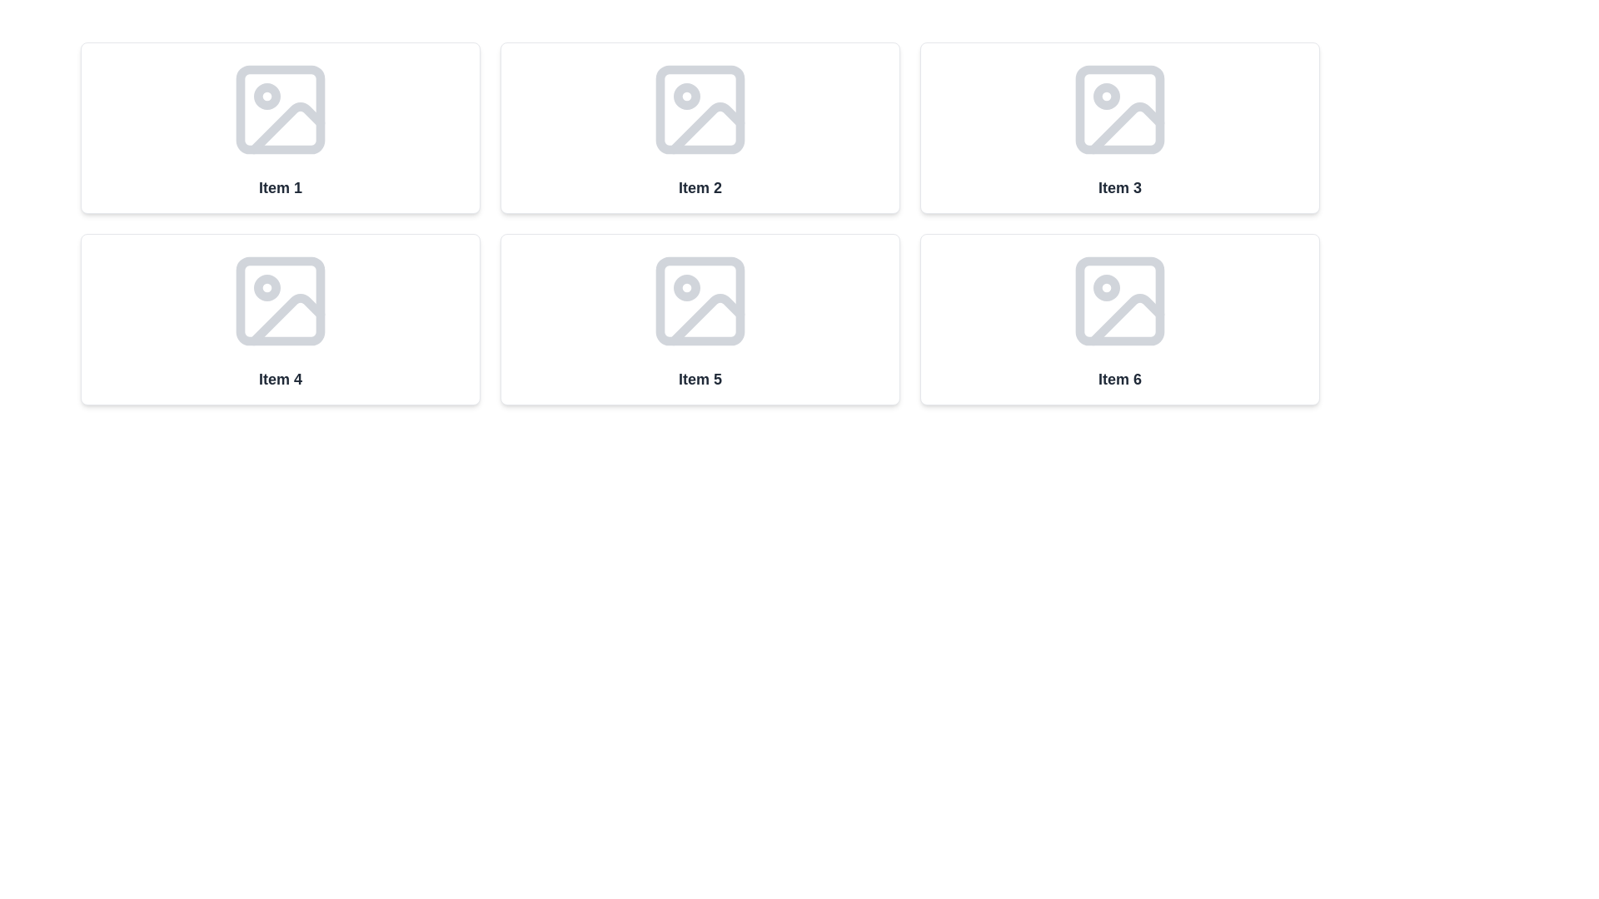 Image resolution: width=1599 pixels, height=899 pixels. Describe the element at coordinates (700, 301) in the screenshot. I see `the primary SVG icon located in the upper section of the card labeled 'Item 5'` at that location.